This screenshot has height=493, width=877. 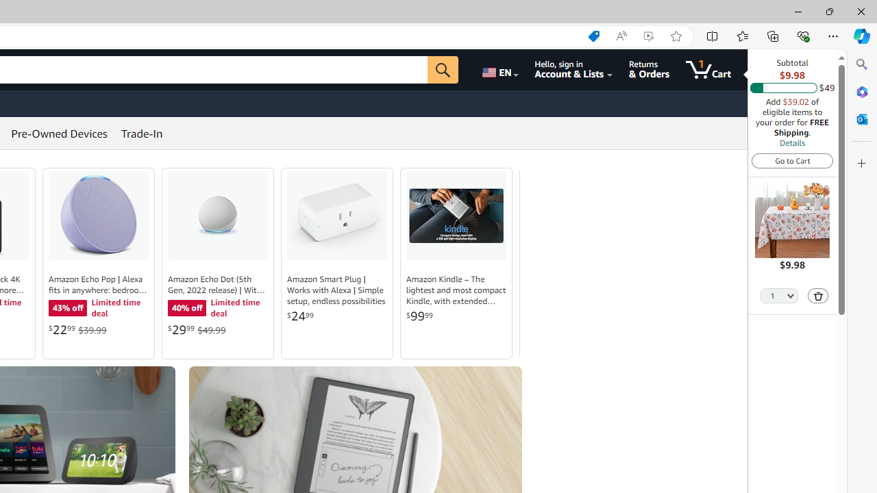 I want to click on 'Pre-Owned Devices', so click(x=58, y=134).